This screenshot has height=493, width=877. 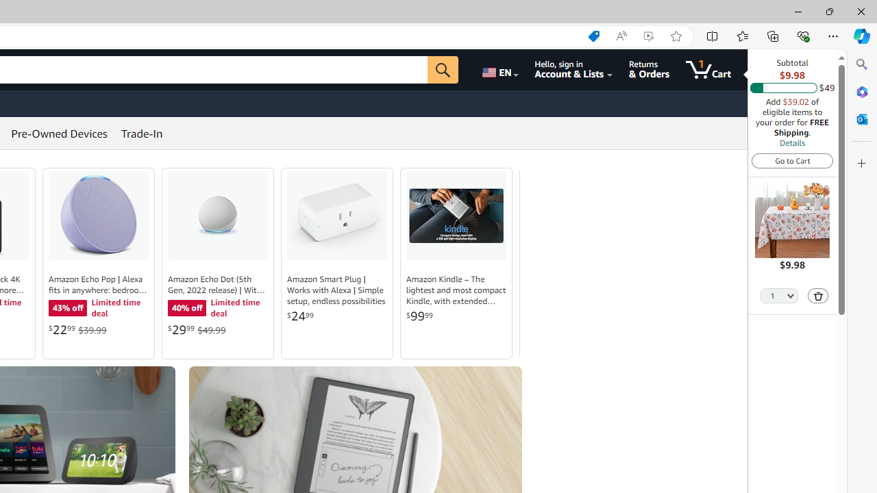 I want to click on 'Pre-Owned Devices', so click(x=58, y=134).